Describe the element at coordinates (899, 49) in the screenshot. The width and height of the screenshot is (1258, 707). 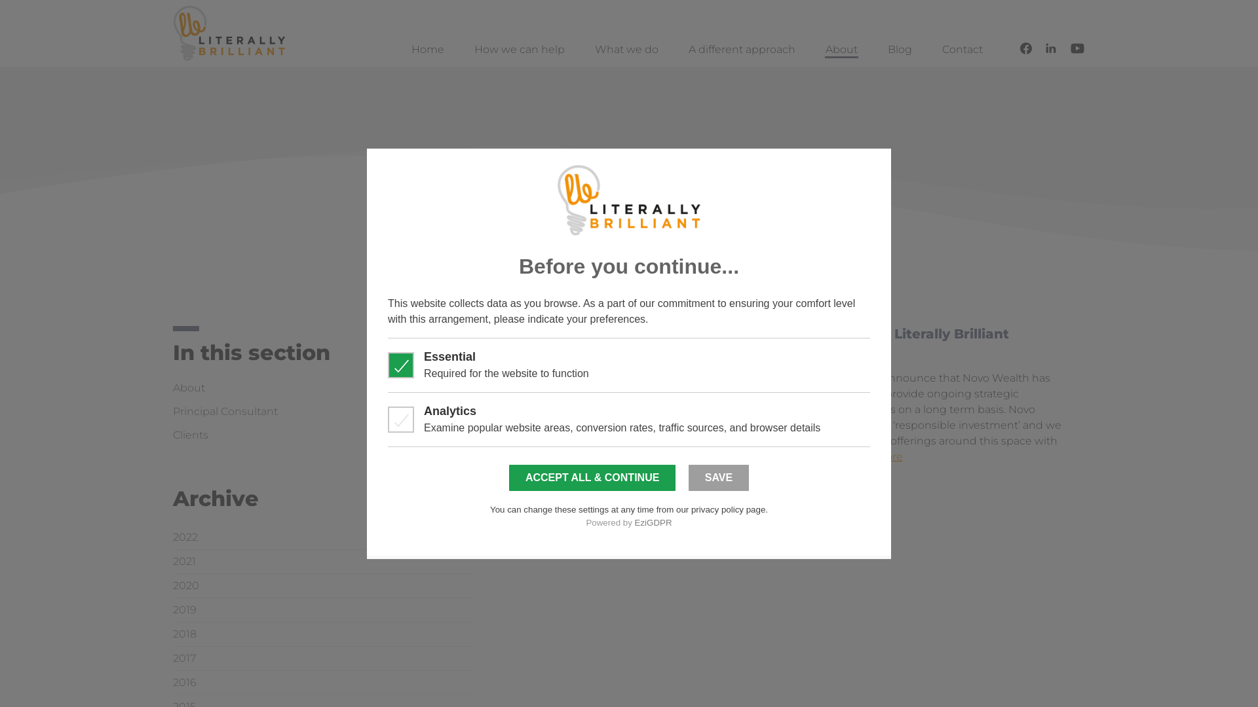
I see `'Blog'` at that location.